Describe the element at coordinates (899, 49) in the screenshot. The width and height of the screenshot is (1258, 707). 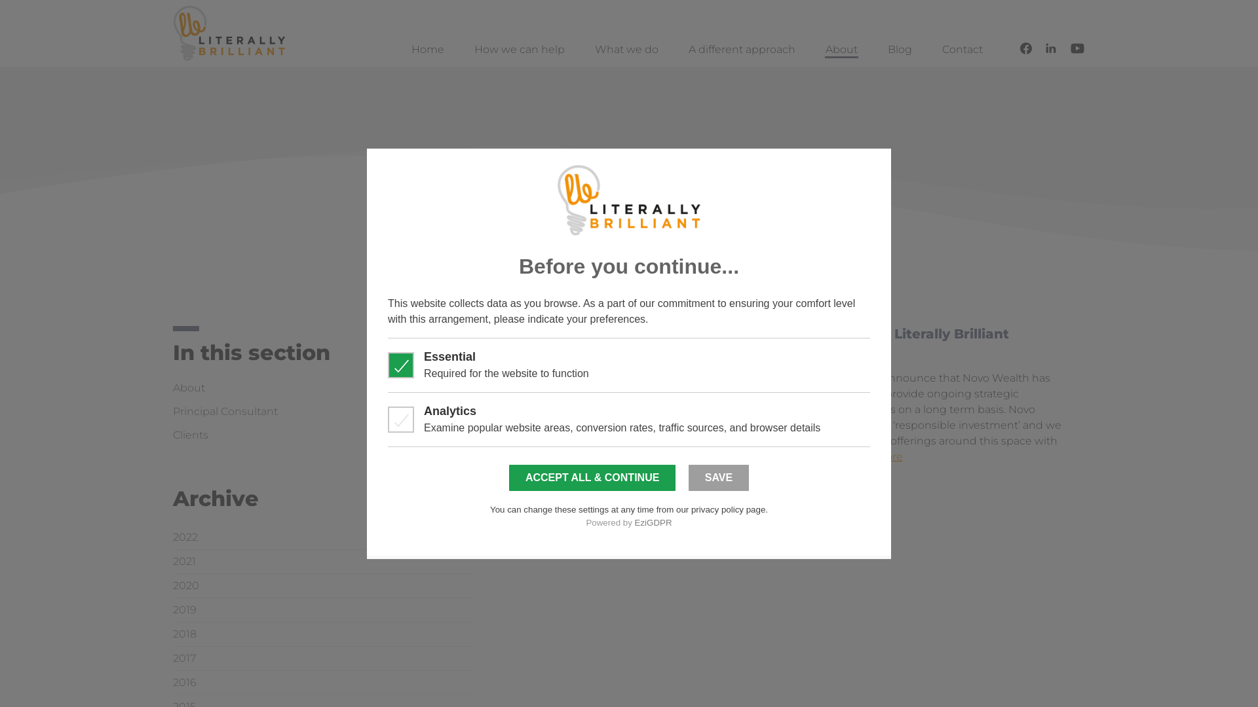
I see `'Blog'` at that location.